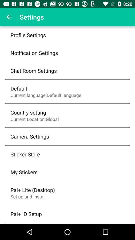 This screenshot has height=240, width=135. Describe the element at coordinates (28, 35) in the screenshot. I see `item above notification settings` at that location.